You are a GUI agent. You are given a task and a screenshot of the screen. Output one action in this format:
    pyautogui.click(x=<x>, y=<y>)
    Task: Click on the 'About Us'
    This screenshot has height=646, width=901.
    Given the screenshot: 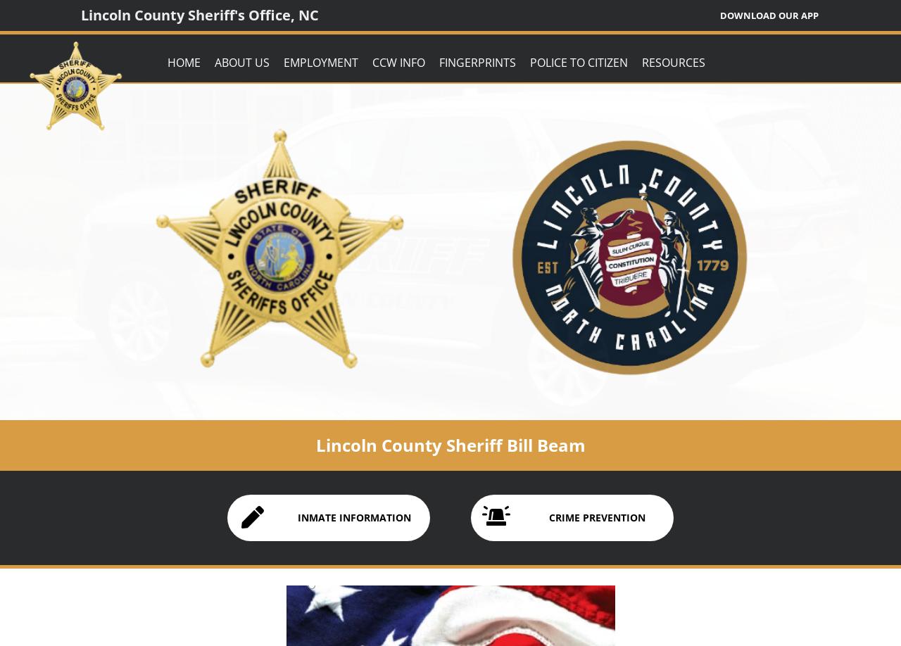 What is the action you would take?
    pyautogui.click(x=214, y=61)
    